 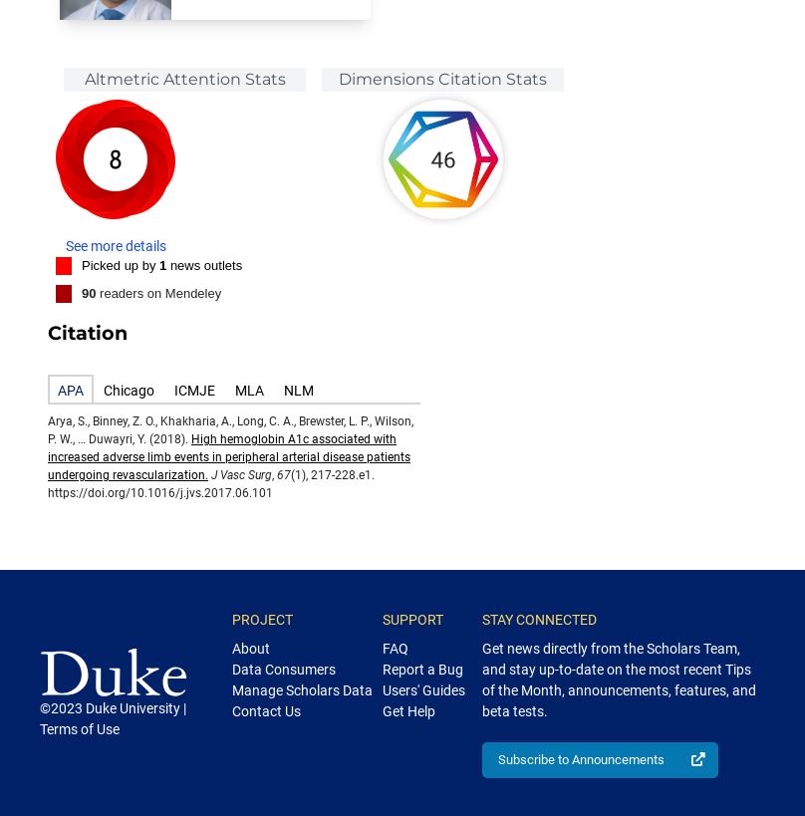 What do you see at coordinates (120, 263) in the screenshot?
I see `'Picked up by'` at bounding box center [120, 263].